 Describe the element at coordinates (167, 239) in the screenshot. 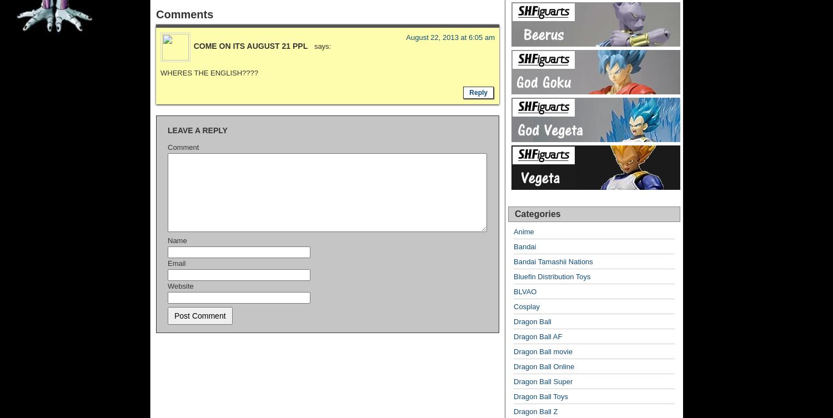

I see `'Name'` at that location.